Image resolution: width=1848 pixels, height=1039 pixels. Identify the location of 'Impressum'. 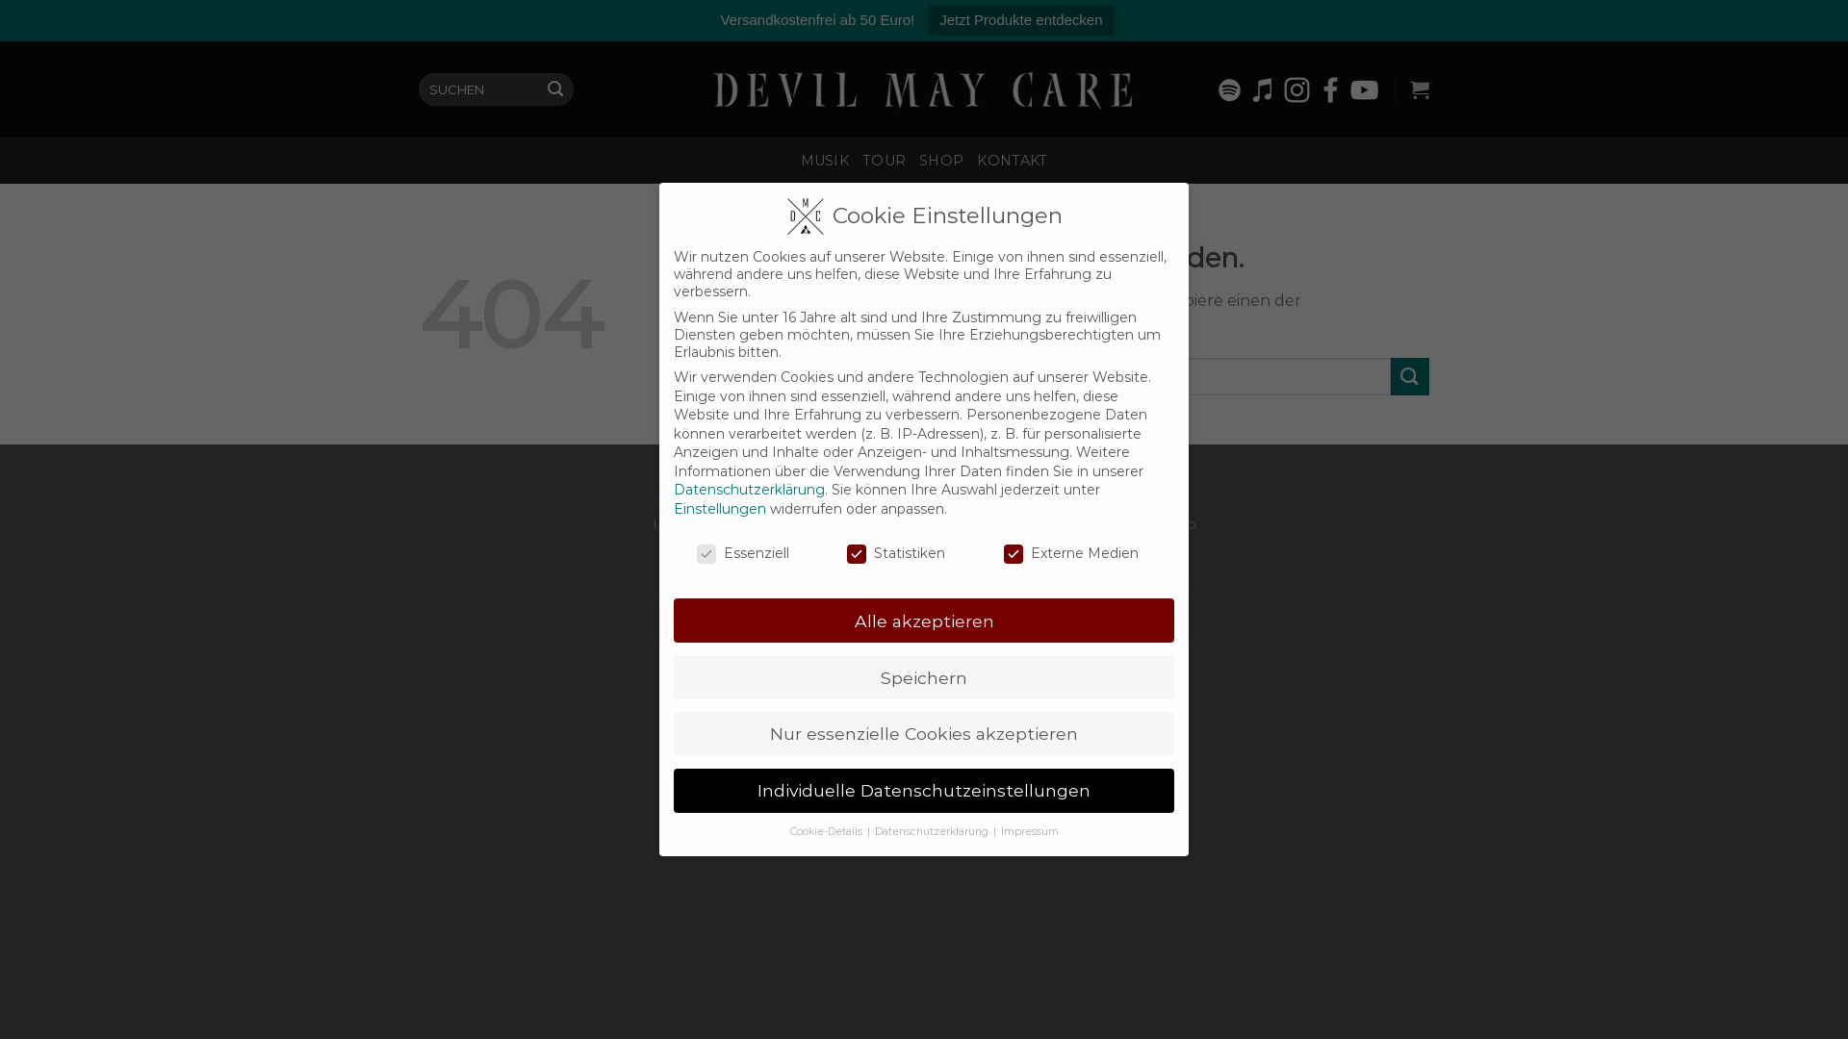
(1029, 830).